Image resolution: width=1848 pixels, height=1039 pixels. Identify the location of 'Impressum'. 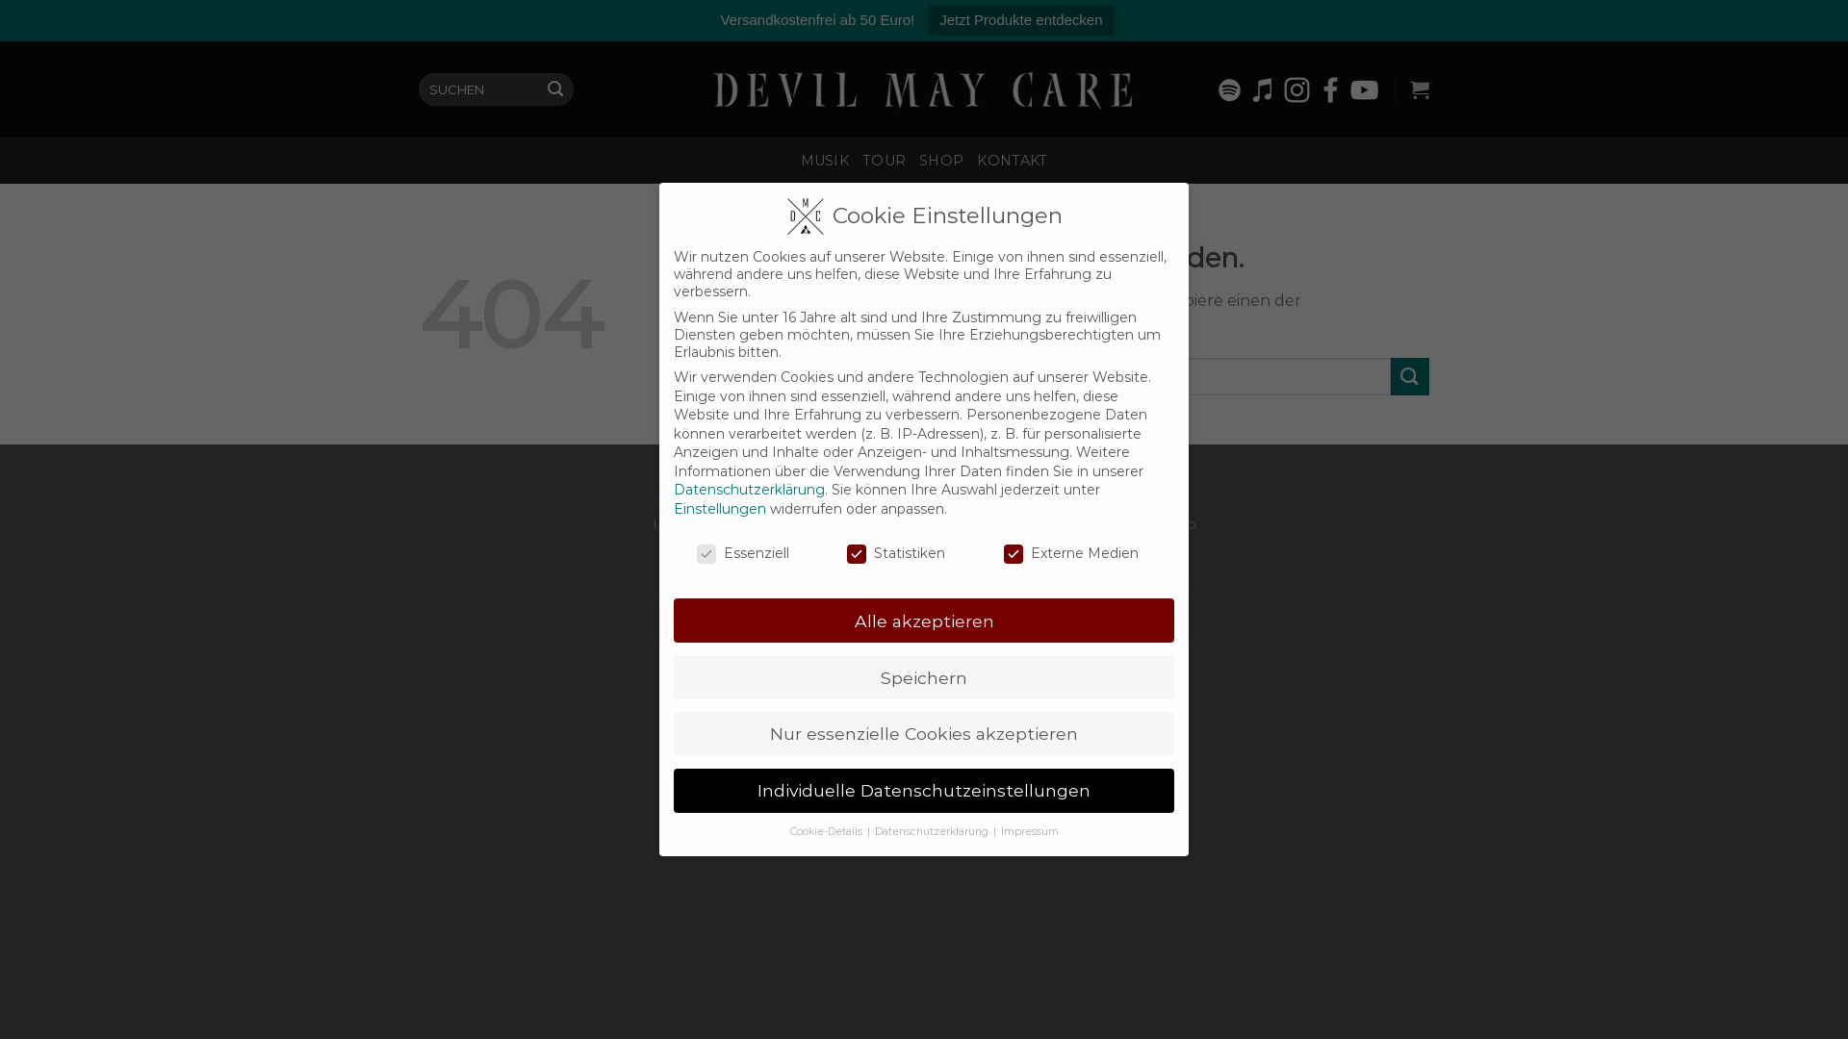
(1029, 830).